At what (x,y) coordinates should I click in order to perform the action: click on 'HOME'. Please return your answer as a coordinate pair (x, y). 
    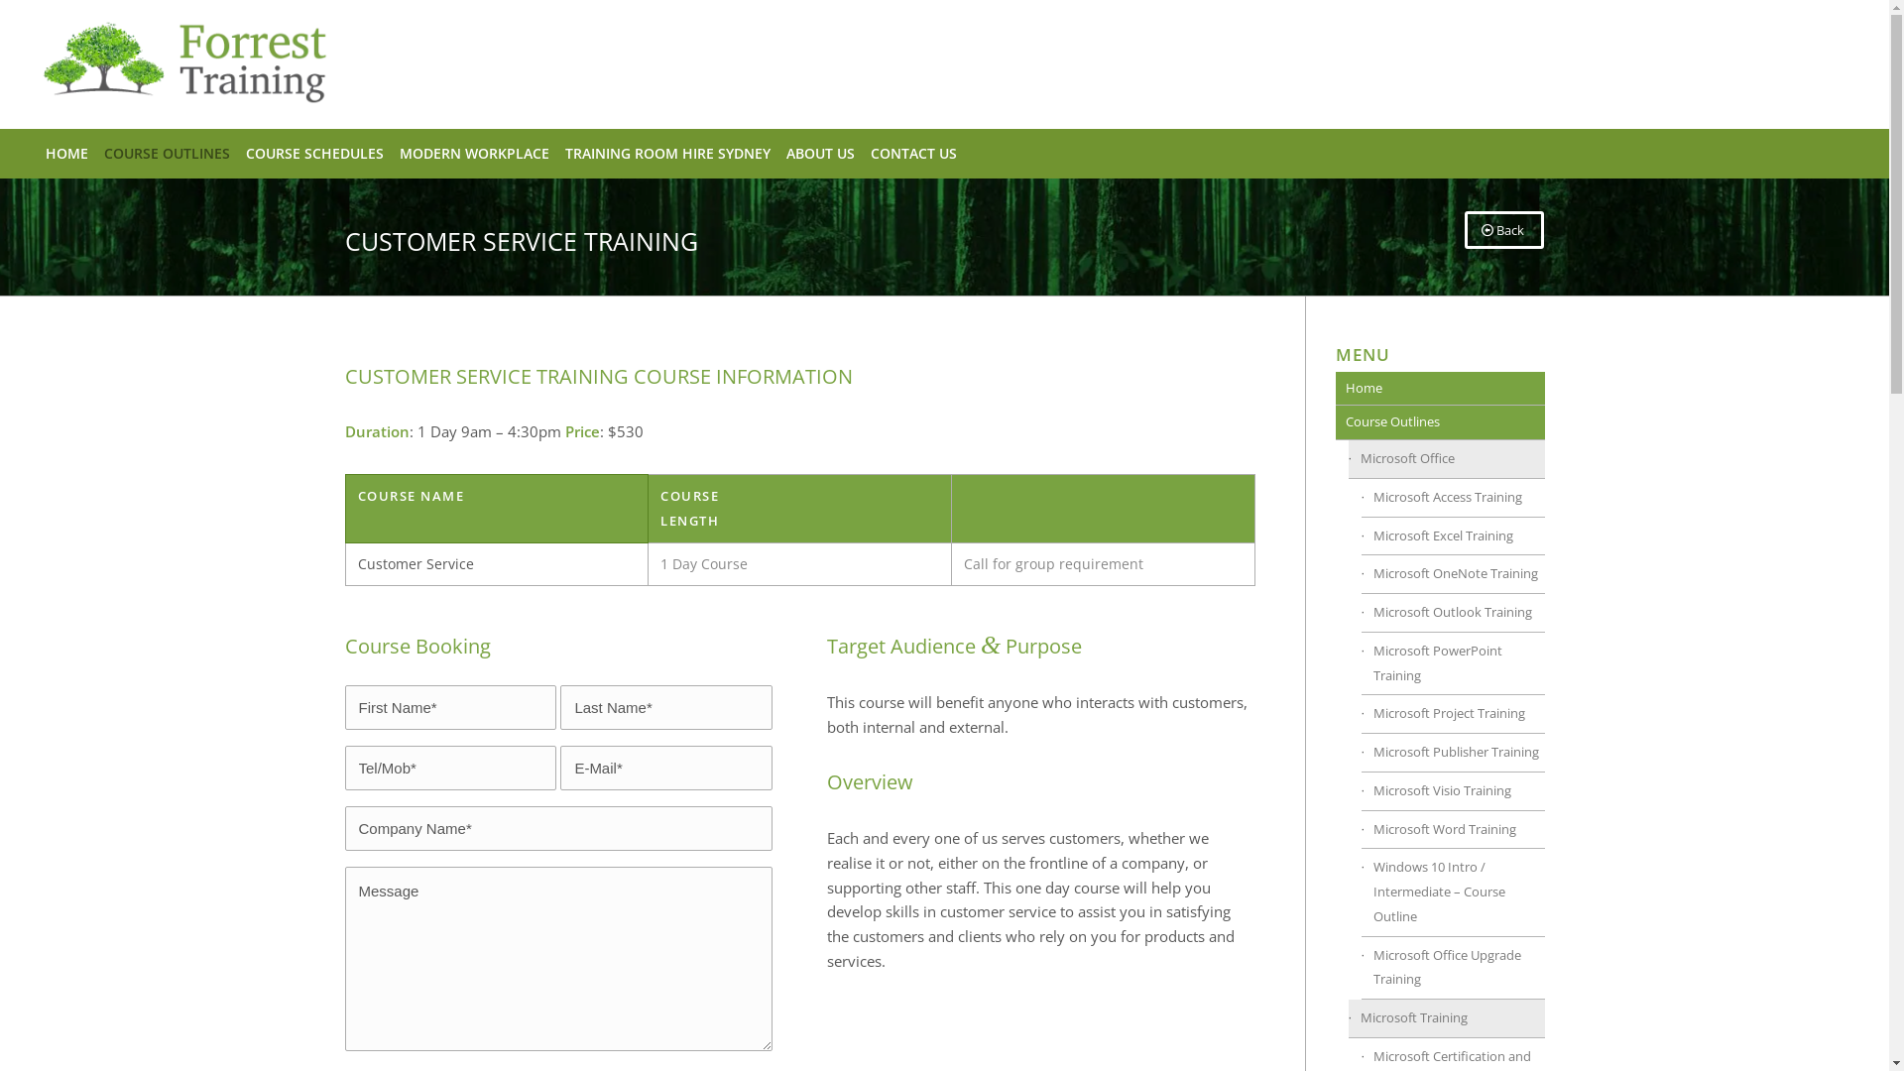
    Looking at the image, I should click on (66, 152).